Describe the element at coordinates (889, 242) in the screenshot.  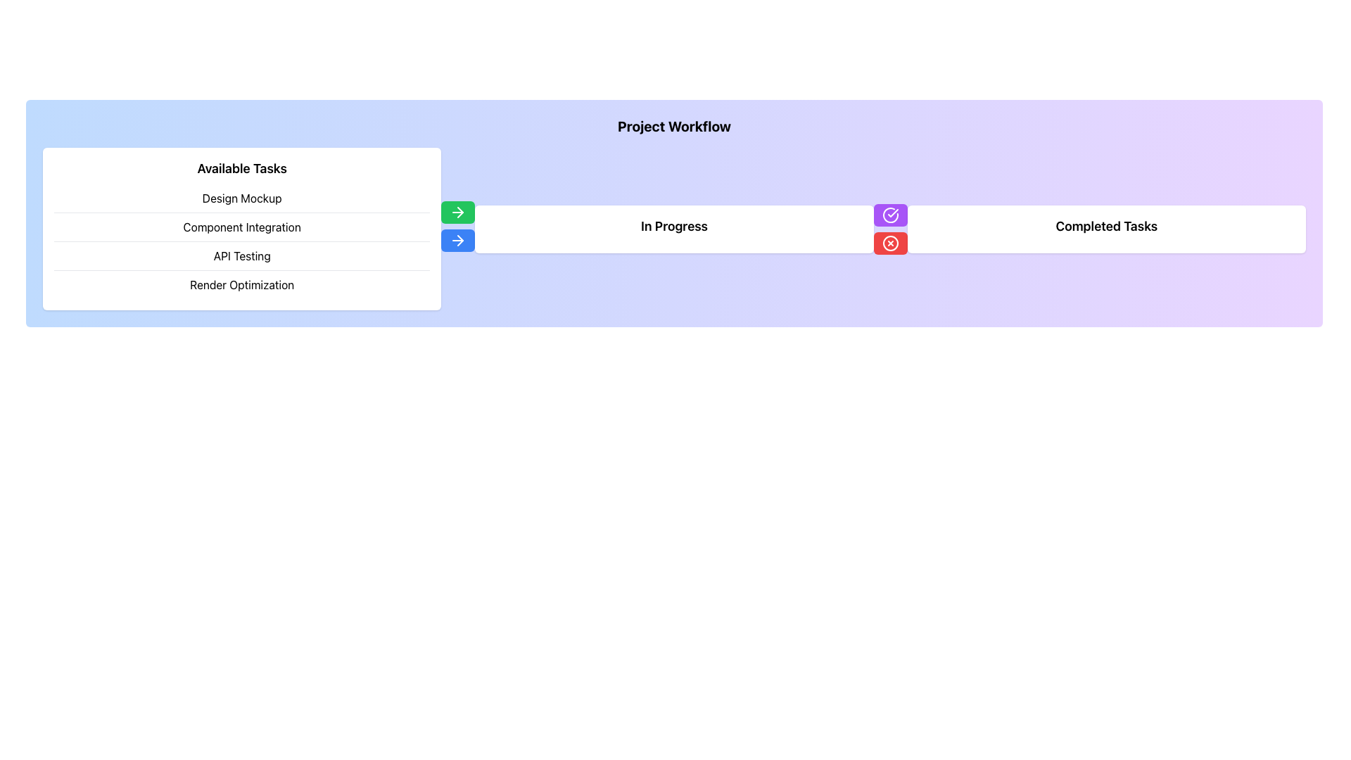
I see `the control button in the 'In Progress' section of the task workflow interface` at that location.